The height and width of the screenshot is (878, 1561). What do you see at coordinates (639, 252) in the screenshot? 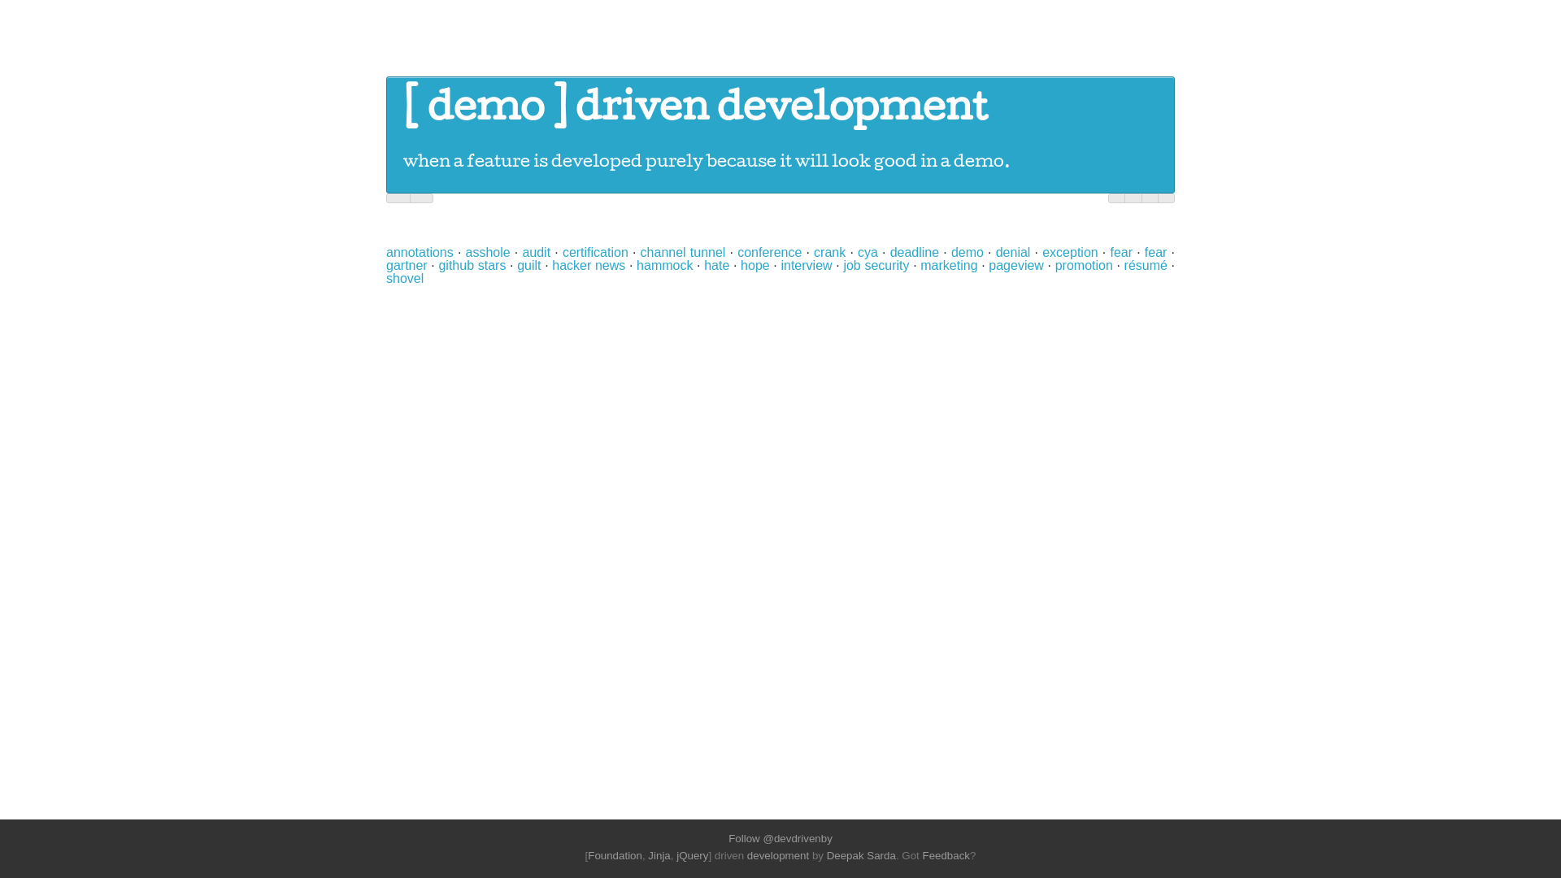
I see `'channel tunnel'` at bounding box center [639, 252].